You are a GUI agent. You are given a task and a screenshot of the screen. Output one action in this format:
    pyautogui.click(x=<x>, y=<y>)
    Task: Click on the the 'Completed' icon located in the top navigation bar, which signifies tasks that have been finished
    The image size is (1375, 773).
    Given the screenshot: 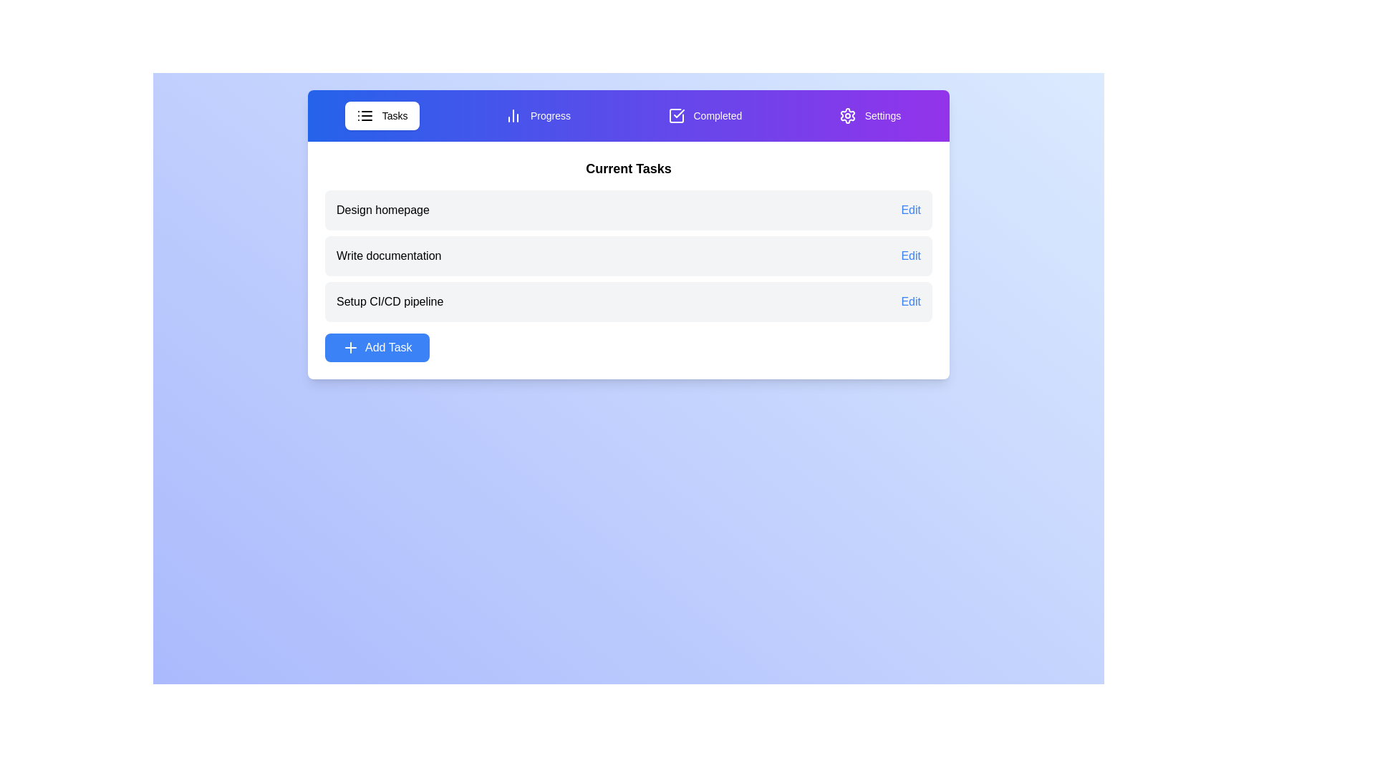 What is the action you would take?
    pyautogui.click(x=675, y=115)
    